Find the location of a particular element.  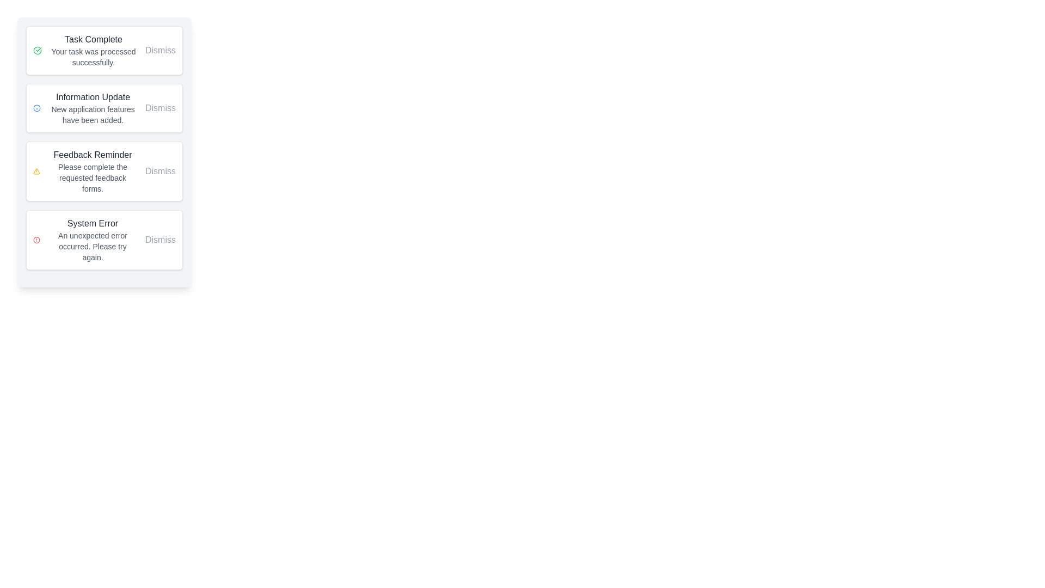

information provided in the textual alert component that is positioned below the 'Feedback Reminder' section and above the 'Dismiss' button is located at coordinates (93, 239).